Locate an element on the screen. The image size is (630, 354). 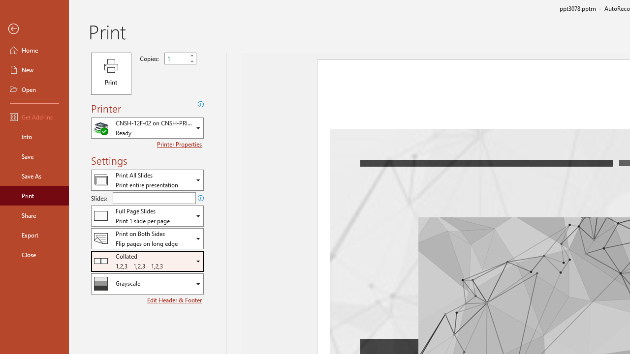
'Print' is located at coordinates (111, 73).